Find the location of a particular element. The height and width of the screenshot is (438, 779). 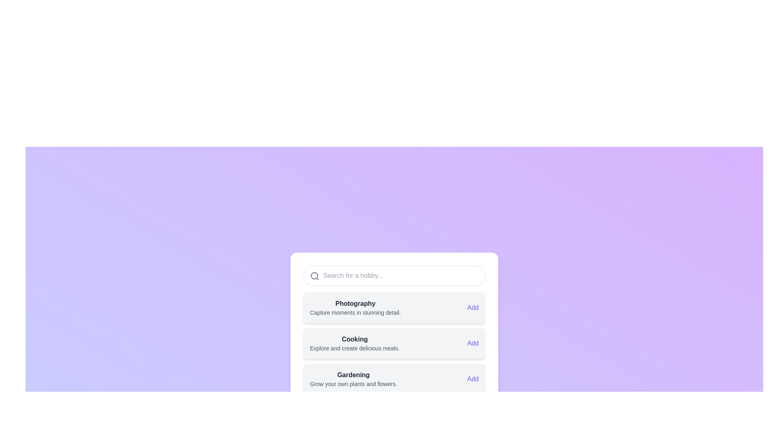

the 'Gardening' text label, which displays 'Gardening' in bold and 'Grow your own plants and flowers.' in a lighter font, located within the third card of hobby-related options is located at coordinates (353, 379).